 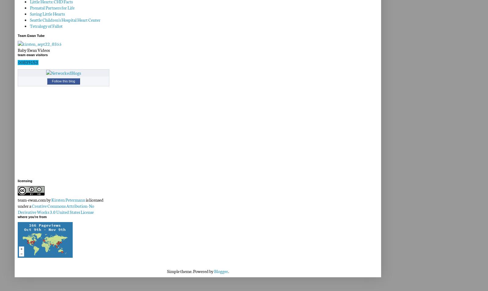 What do you see at coordinates (228, 271) in the screenshot?
I see `'.'` at bounding box center [228, 271].